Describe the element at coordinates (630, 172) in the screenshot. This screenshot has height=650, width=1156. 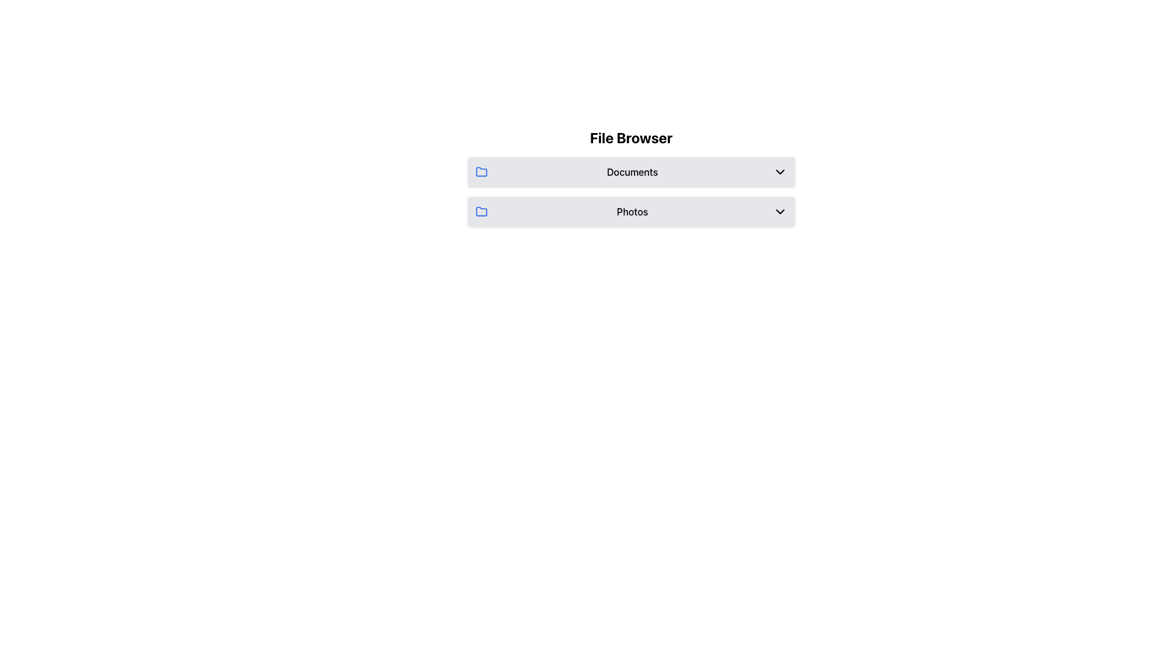
I see `the 'Documents' folder entry` at that location.